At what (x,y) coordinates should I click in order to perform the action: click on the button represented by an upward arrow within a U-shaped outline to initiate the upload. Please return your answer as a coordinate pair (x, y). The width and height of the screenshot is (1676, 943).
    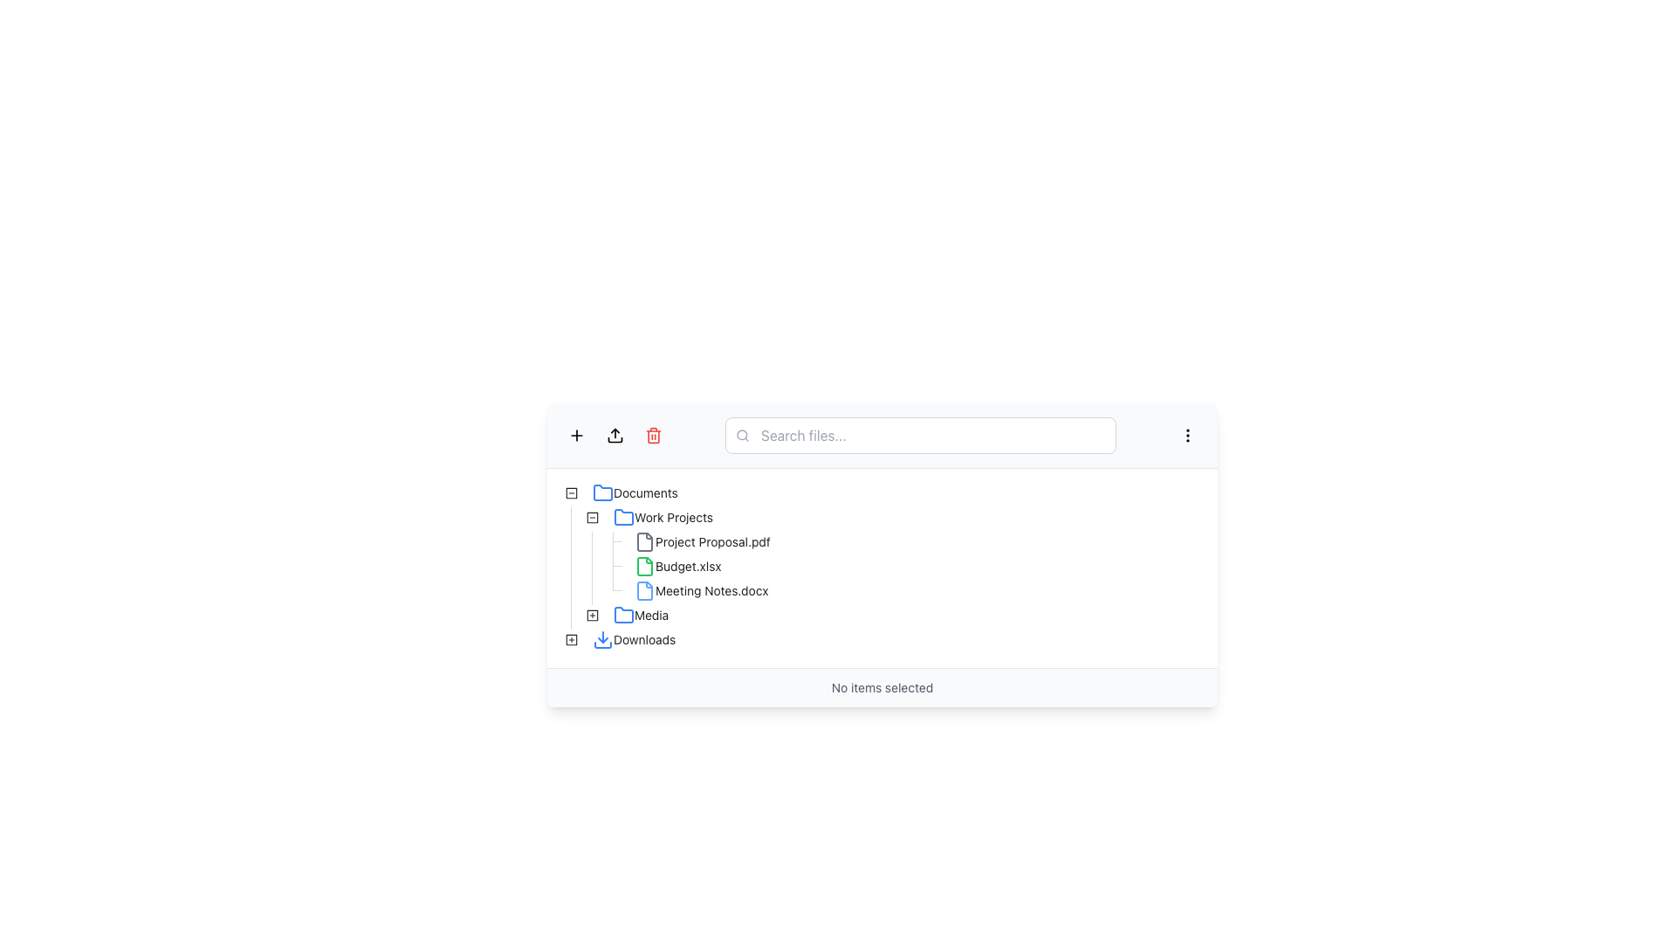
    Looking at the image, I should click on (615, 434).